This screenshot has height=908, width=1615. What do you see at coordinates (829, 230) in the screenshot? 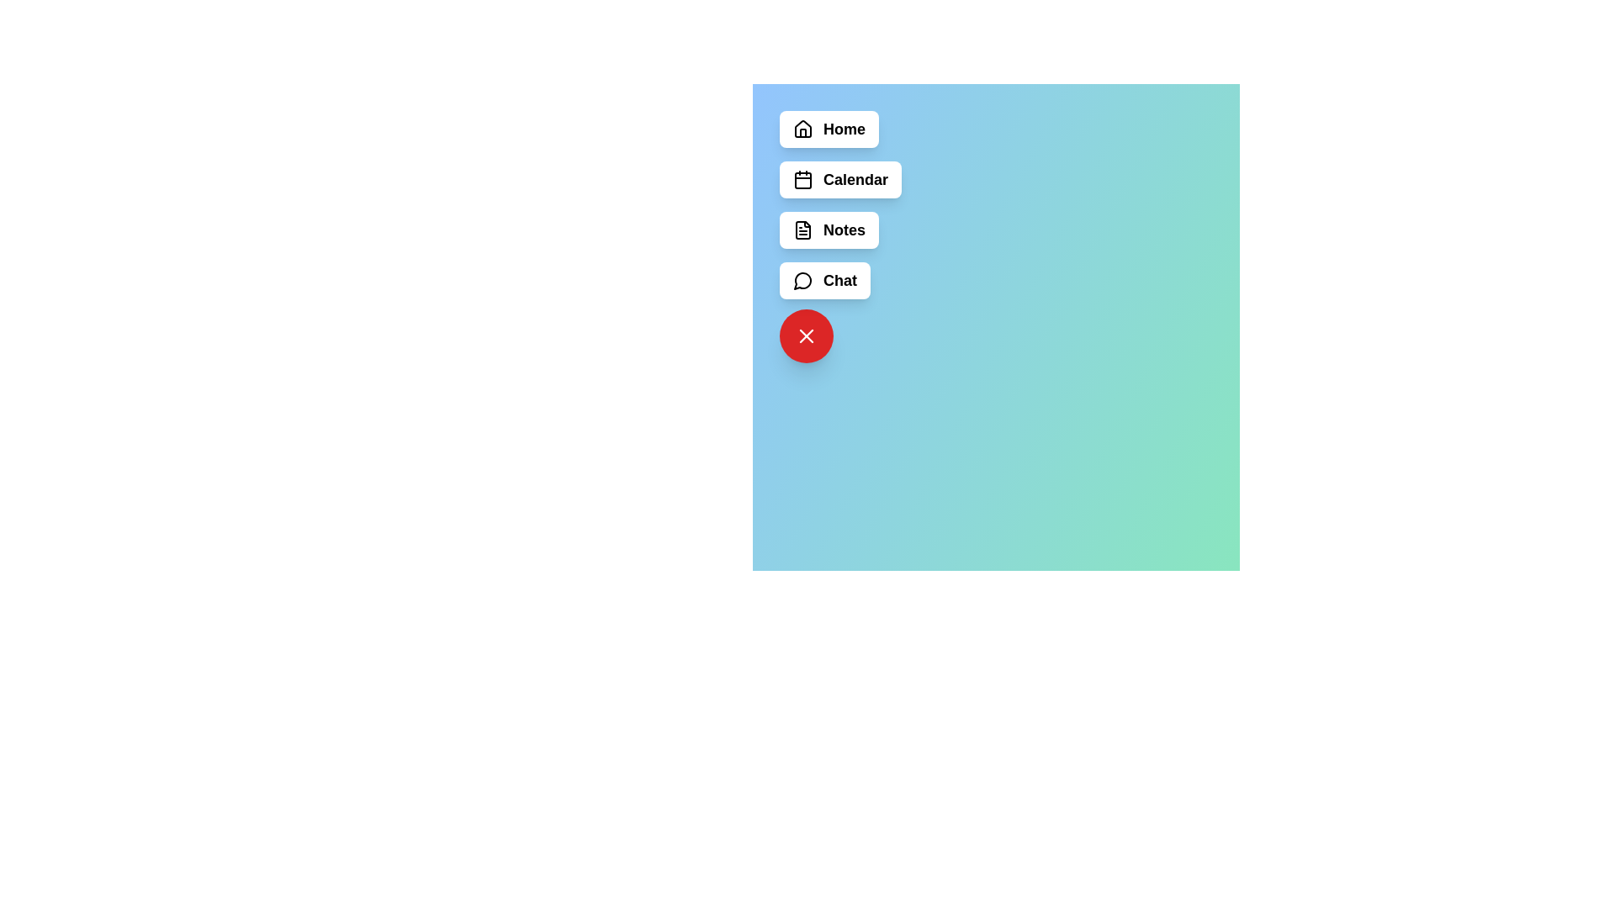
I see `the menu button labeled Notes to observe its hover effect` at bounding box center [829, 230].